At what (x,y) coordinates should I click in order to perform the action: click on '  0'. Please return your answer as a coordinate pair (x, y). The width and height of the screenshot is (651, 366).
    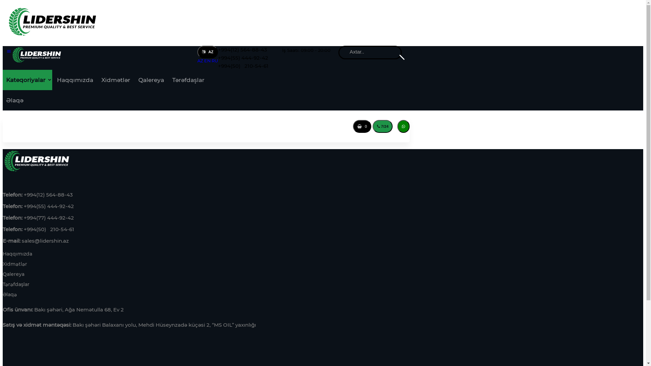
    Looking at the image, I should click on (362, 126).